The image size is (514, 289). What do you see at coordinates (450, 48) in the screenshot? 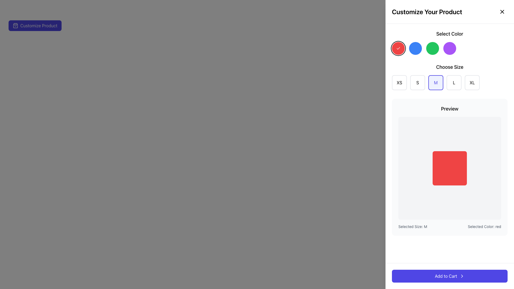
I see `the last circular color selection button, which is light purple and located to the right of the green button in the 'Select Color' section` at bounding box center [450, 48].